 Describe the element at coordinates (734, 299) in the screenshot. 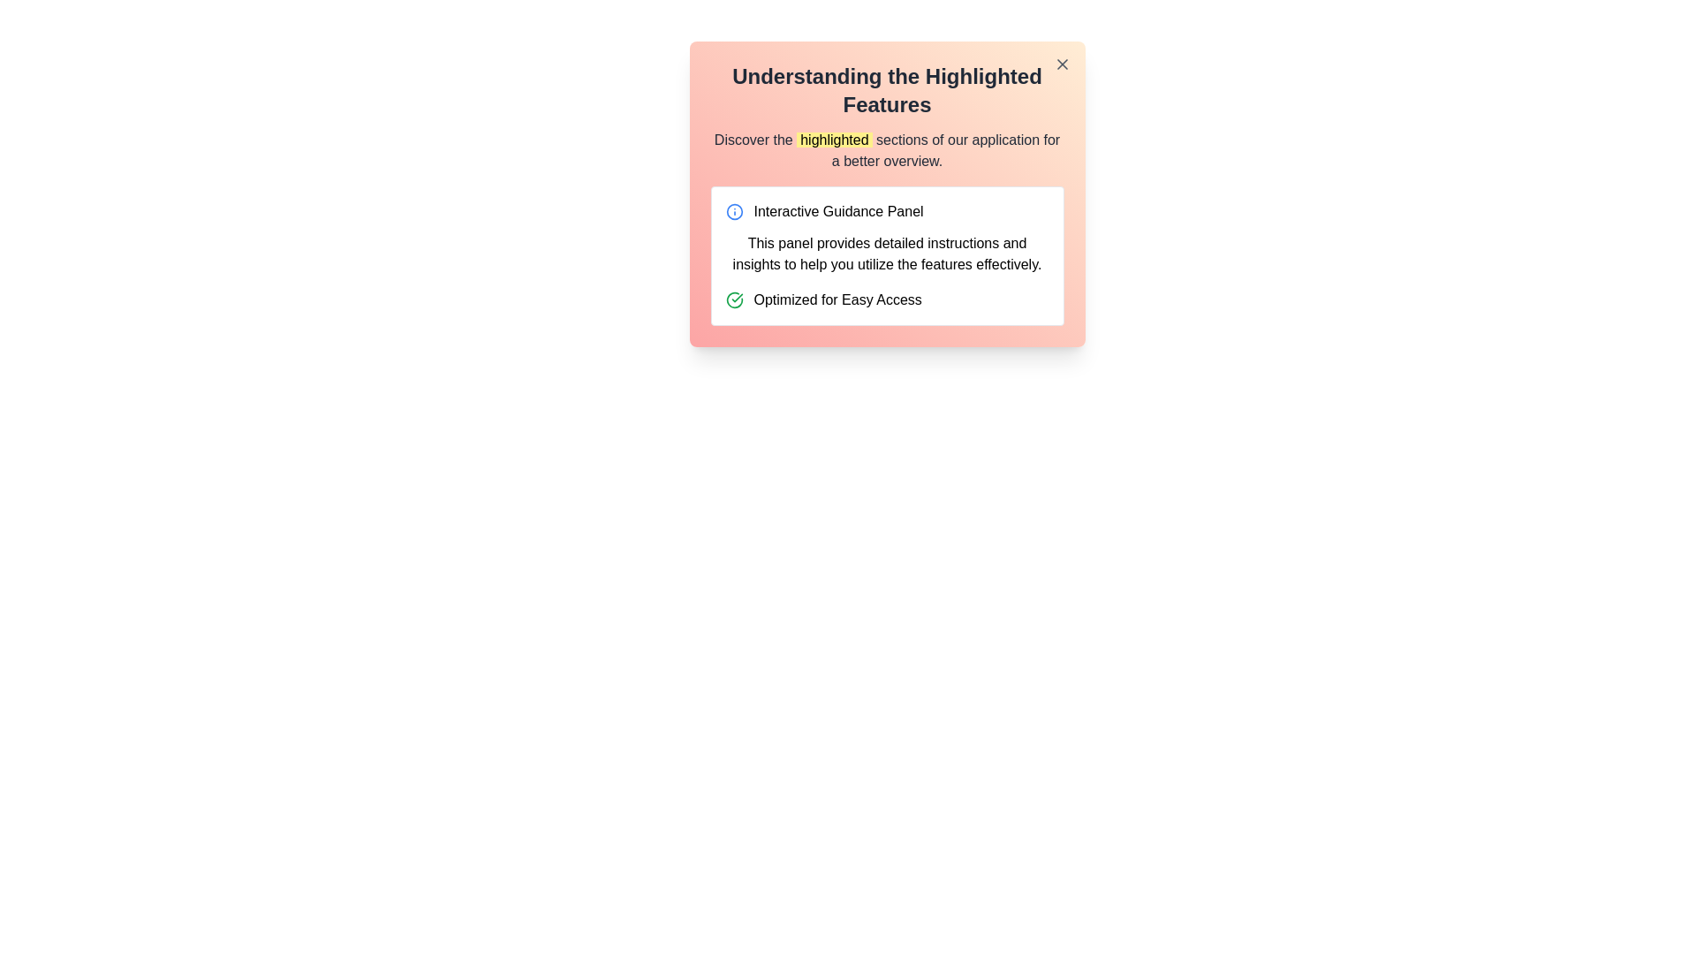

I see `the green circular checkmark icon located to the left of the text 'Optimized for Easy Access'` at that location.